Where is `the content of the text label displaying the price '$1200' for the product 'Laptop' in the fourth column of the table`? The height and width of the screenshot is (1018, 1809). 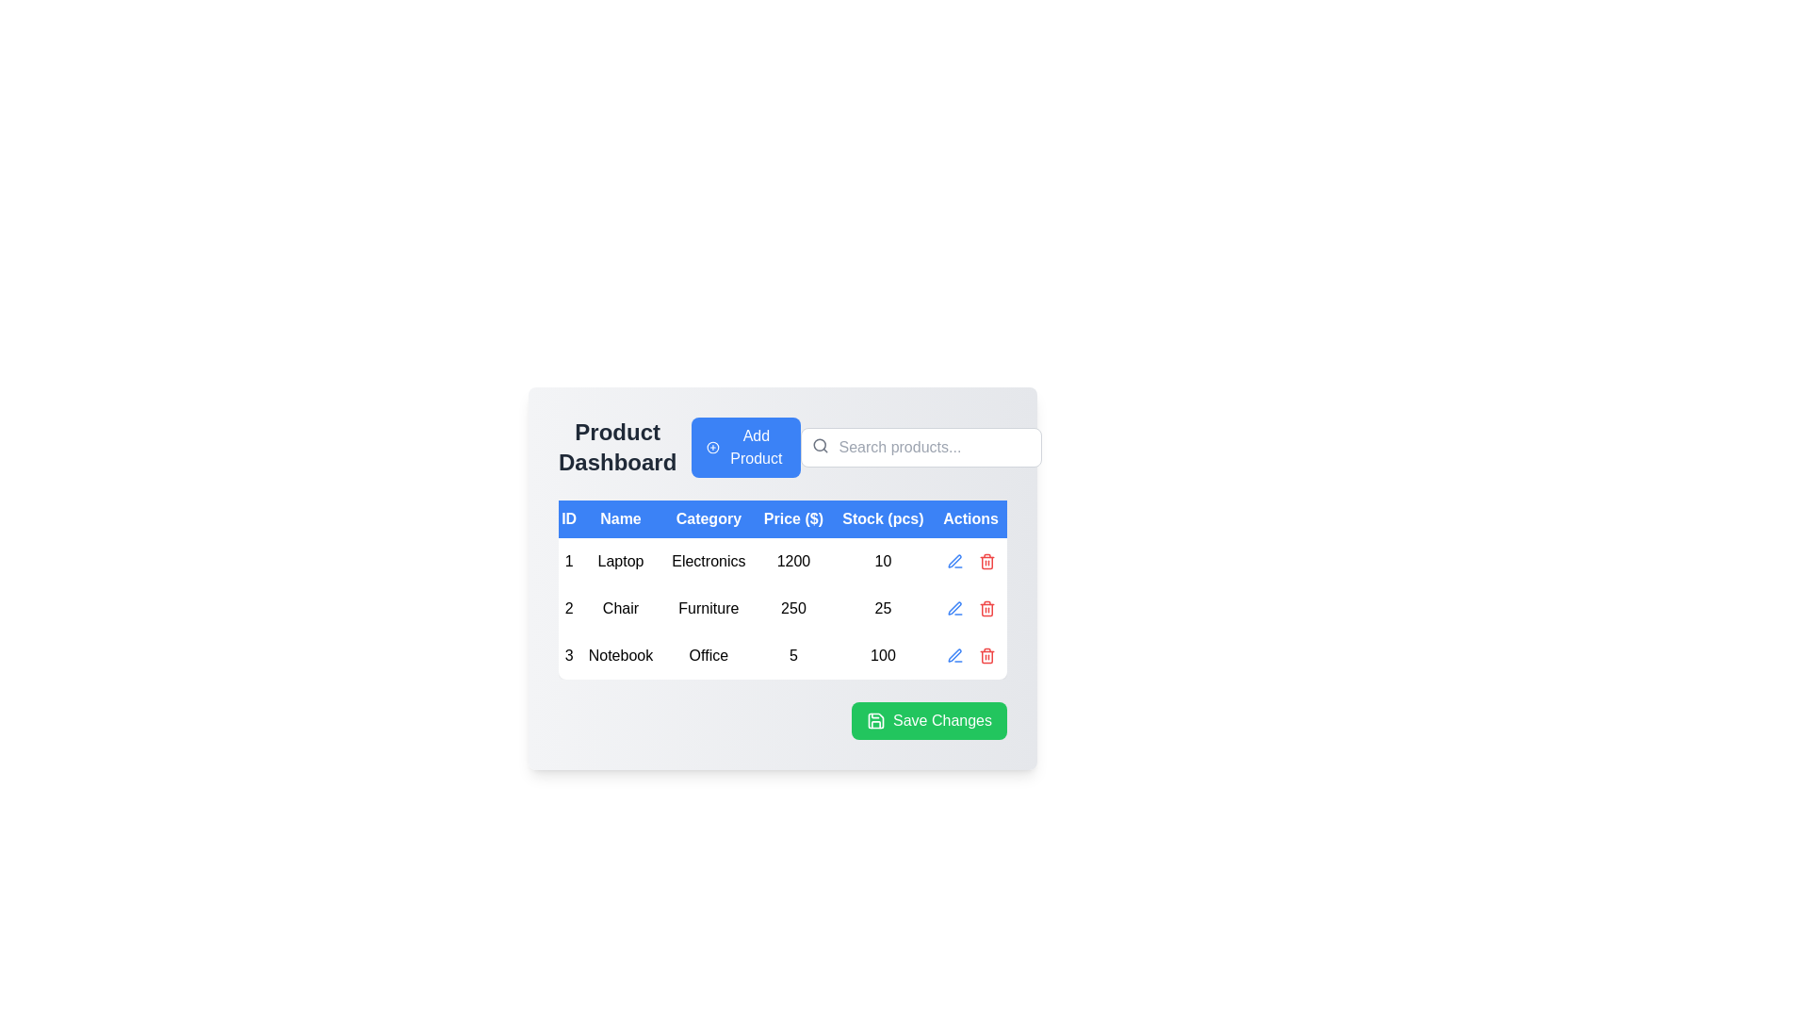 the content of the text label displaying the price '$1200' for the product 'Laptop' in the fourth column of the table is located at coordinates (793, 561).